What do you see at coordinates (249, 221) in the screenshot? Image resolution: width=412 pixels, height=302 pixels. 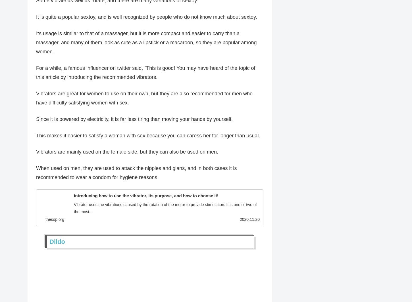 I see `'2020.11.20'` at bounding box center [249, 221].